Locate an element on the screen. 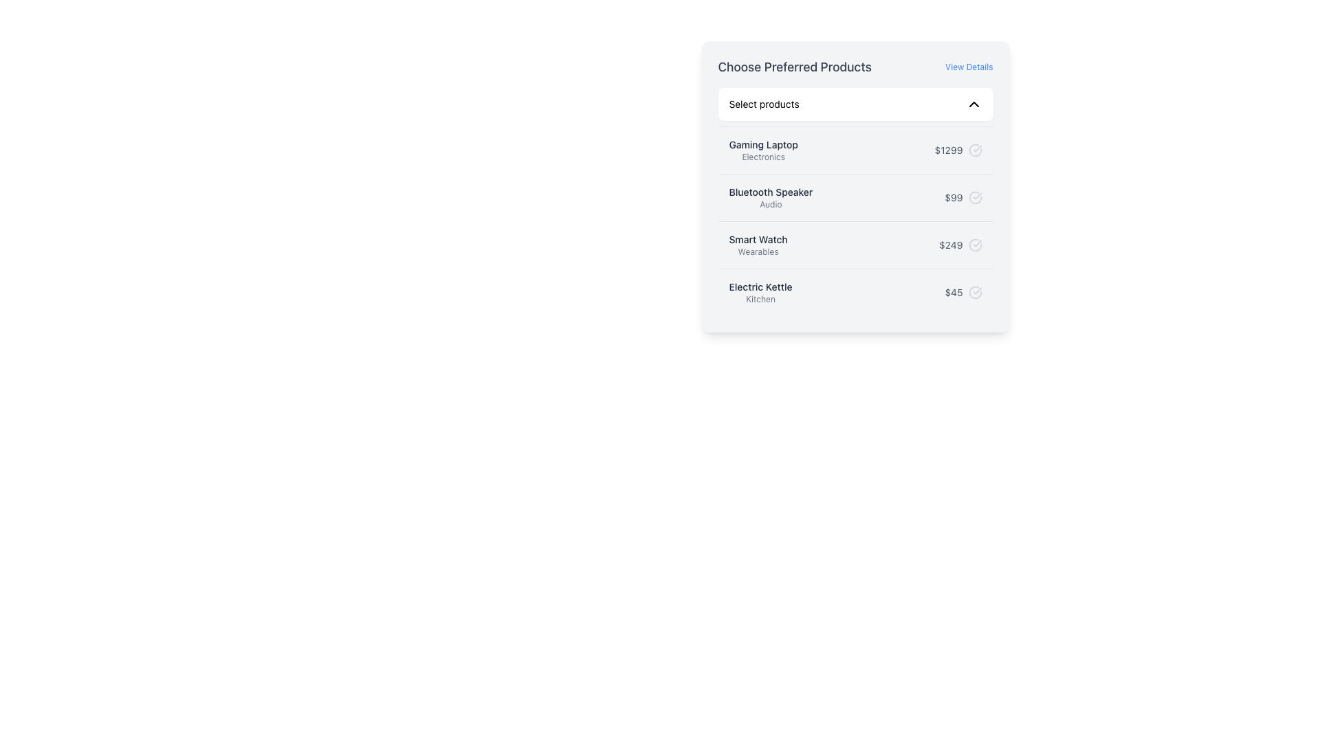  the static text label that describes the item 'Electric Kettle' categorized under 'Kitchen', which is located in the lower-right section of the visible panel is located at coordinates (760, 298).